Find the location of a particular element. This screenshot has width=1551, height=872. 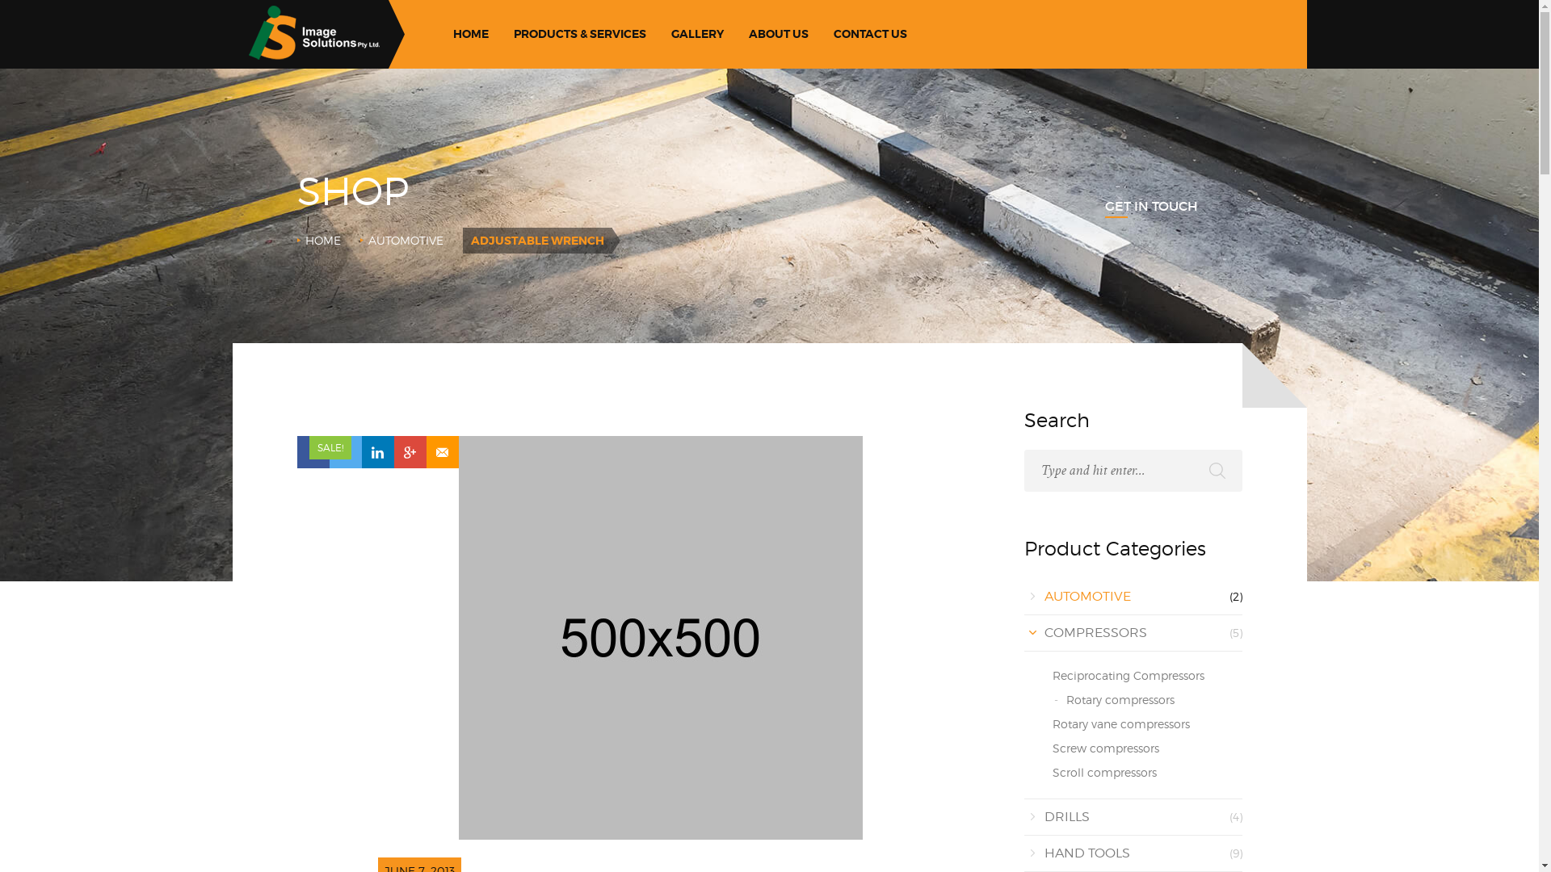

'HOME' is located at coordinates (469, 34).